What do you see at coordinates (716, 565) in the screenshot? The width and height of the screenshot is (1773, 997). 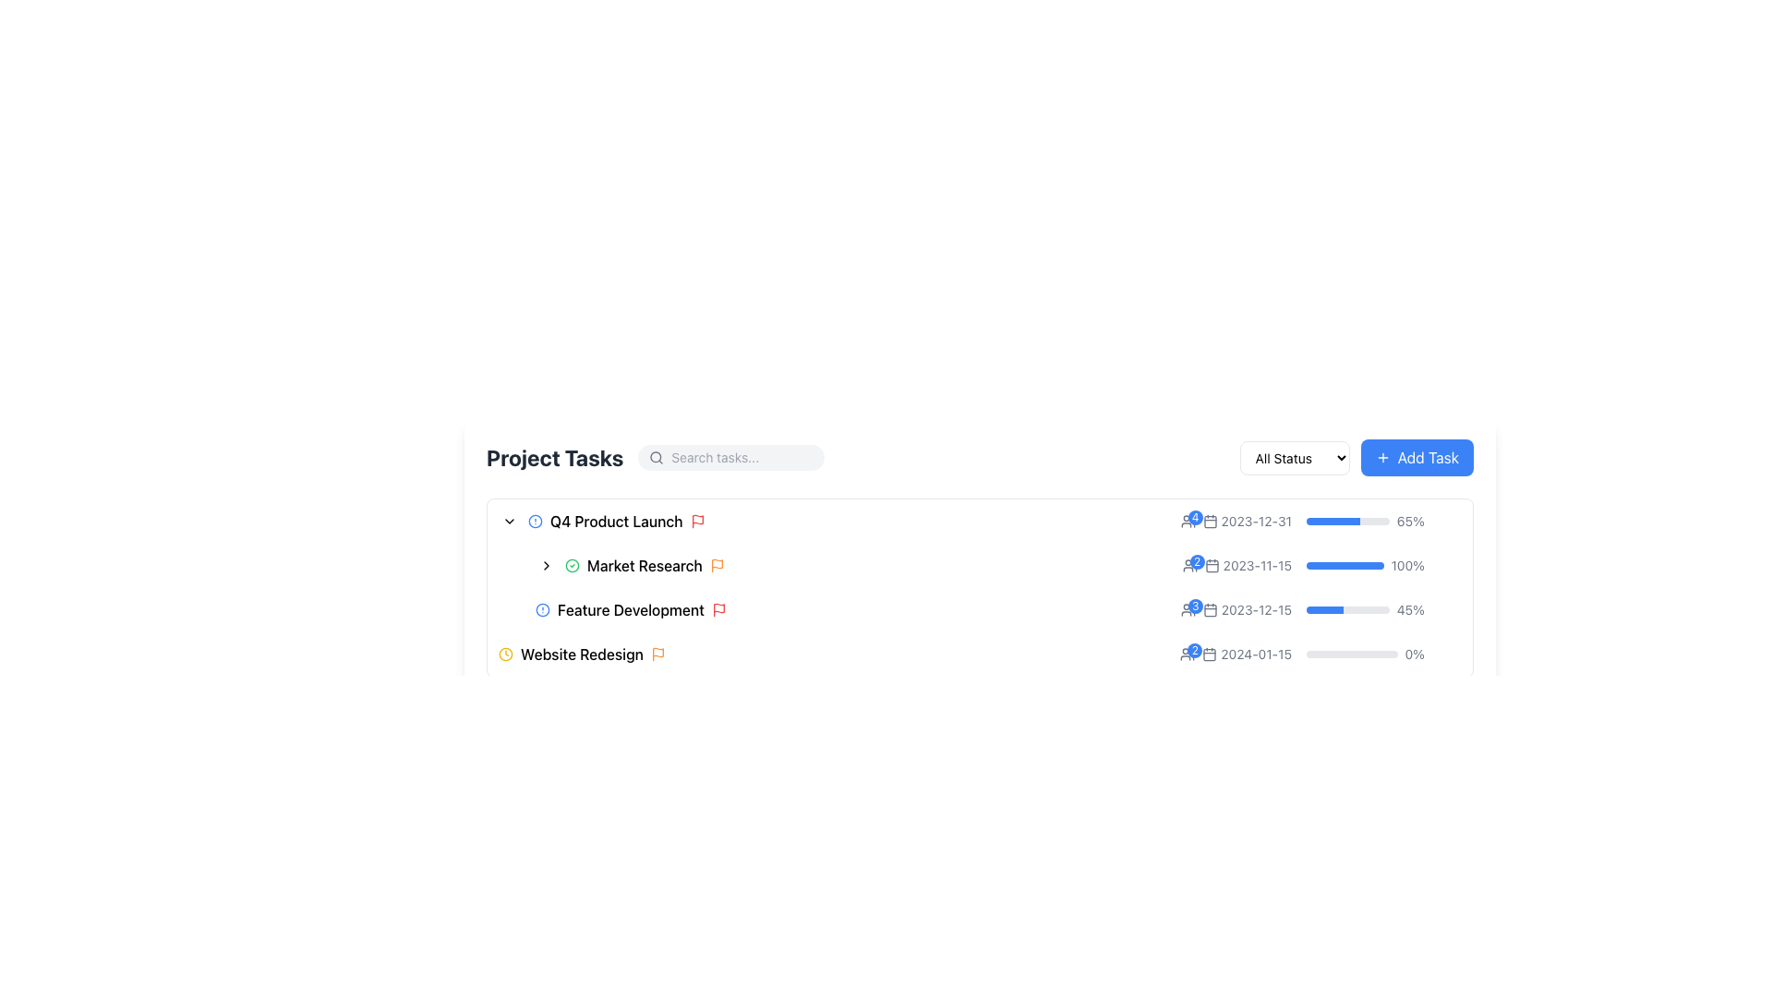 I see `the flag icon next to the 'Market Research' label` at bounding box center [716, 565].